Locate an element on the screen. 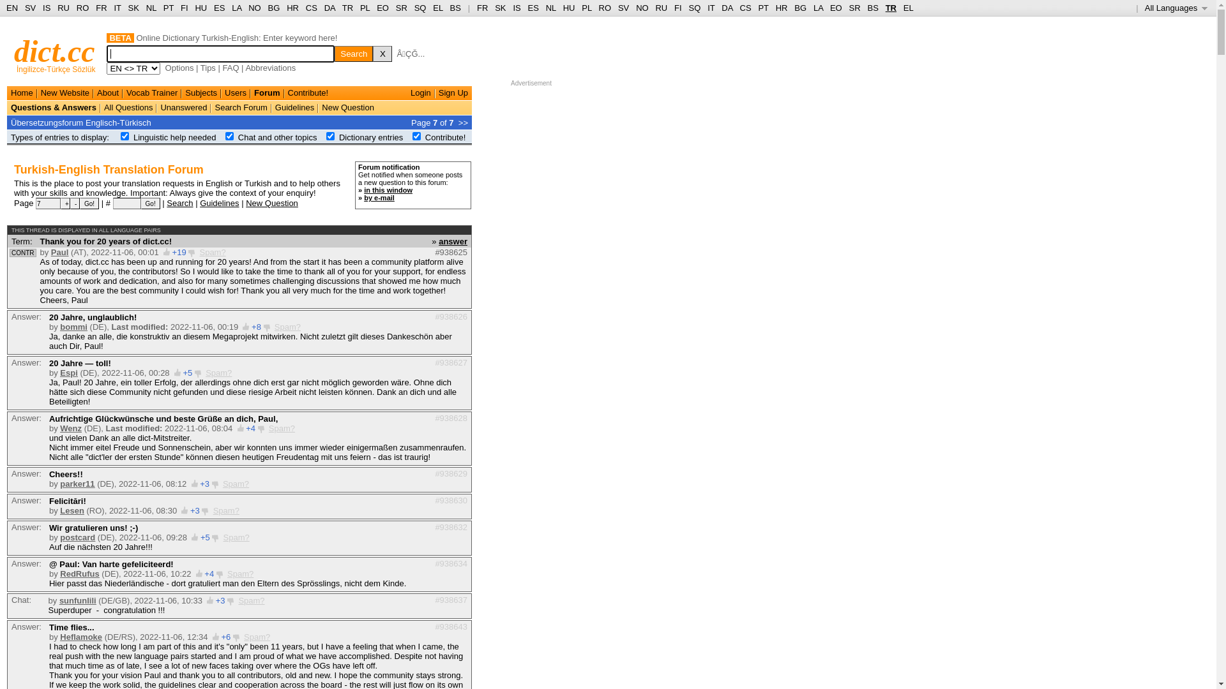 The height and width of the screenshot is (689, 1226). 'Spam?' is located at coordinates (251, 600).